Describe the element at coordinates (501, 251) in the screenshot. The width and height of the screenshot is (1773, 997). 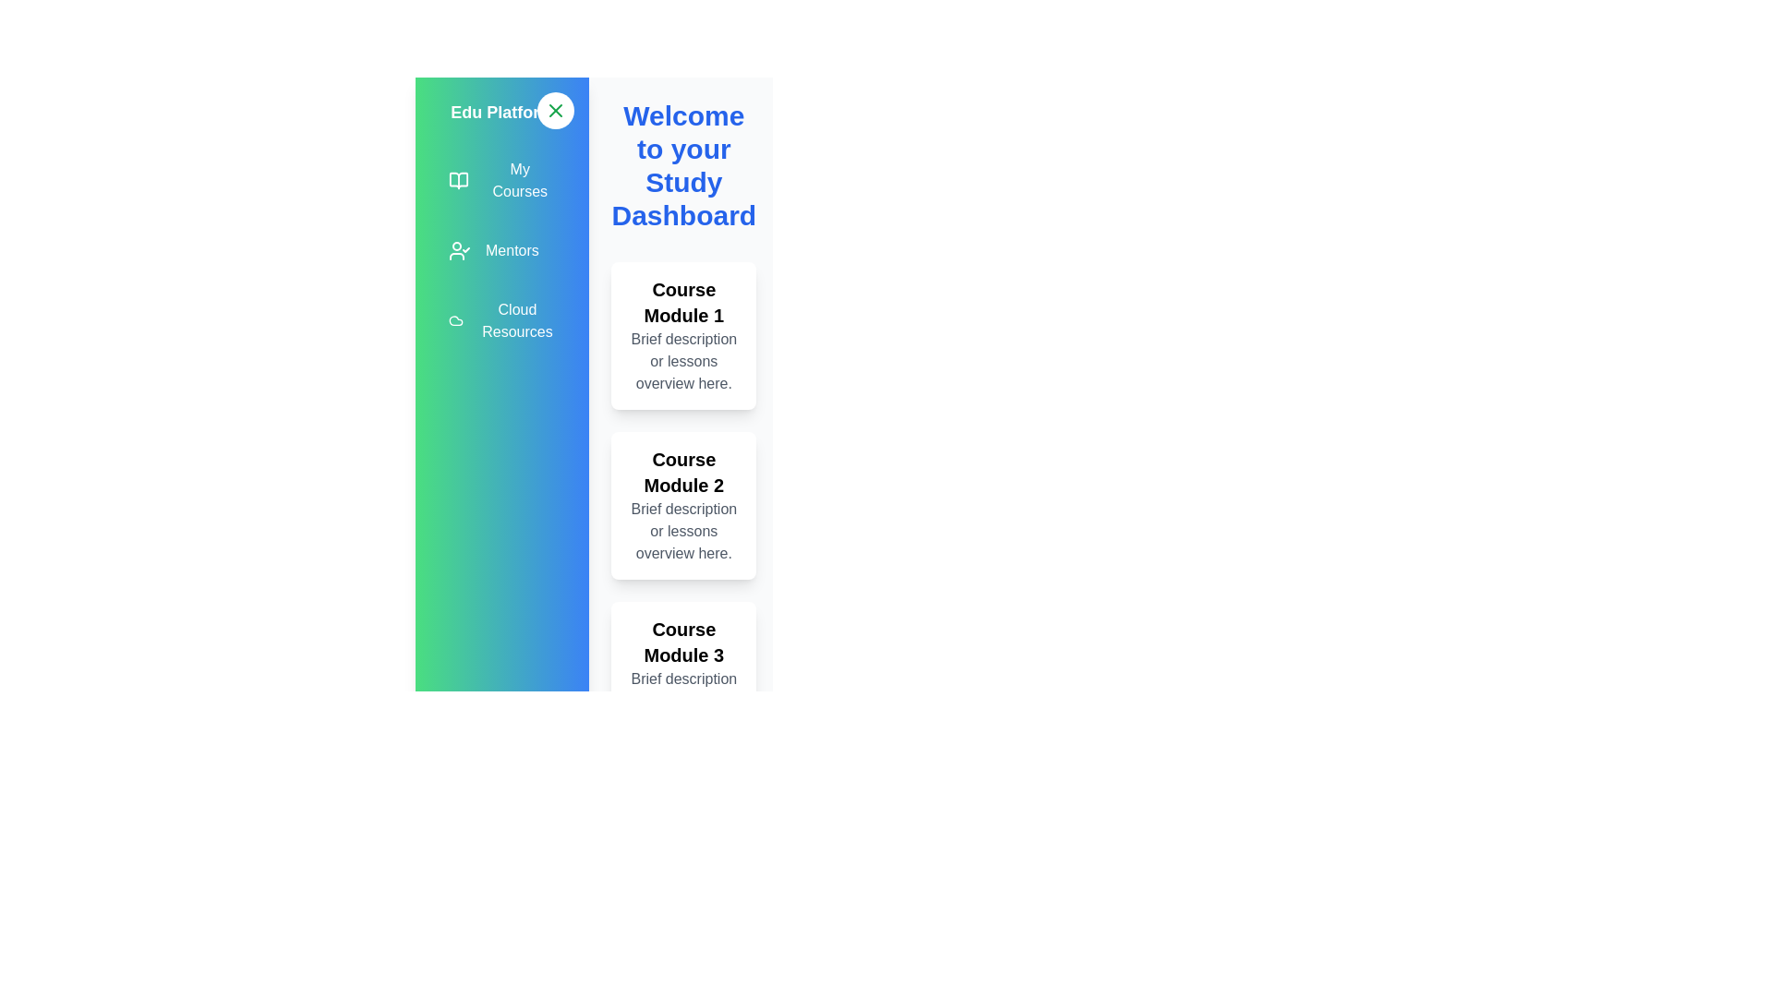
I see `the 'Mentors' menu item to navigate to the 'Mentors' section` at that location.